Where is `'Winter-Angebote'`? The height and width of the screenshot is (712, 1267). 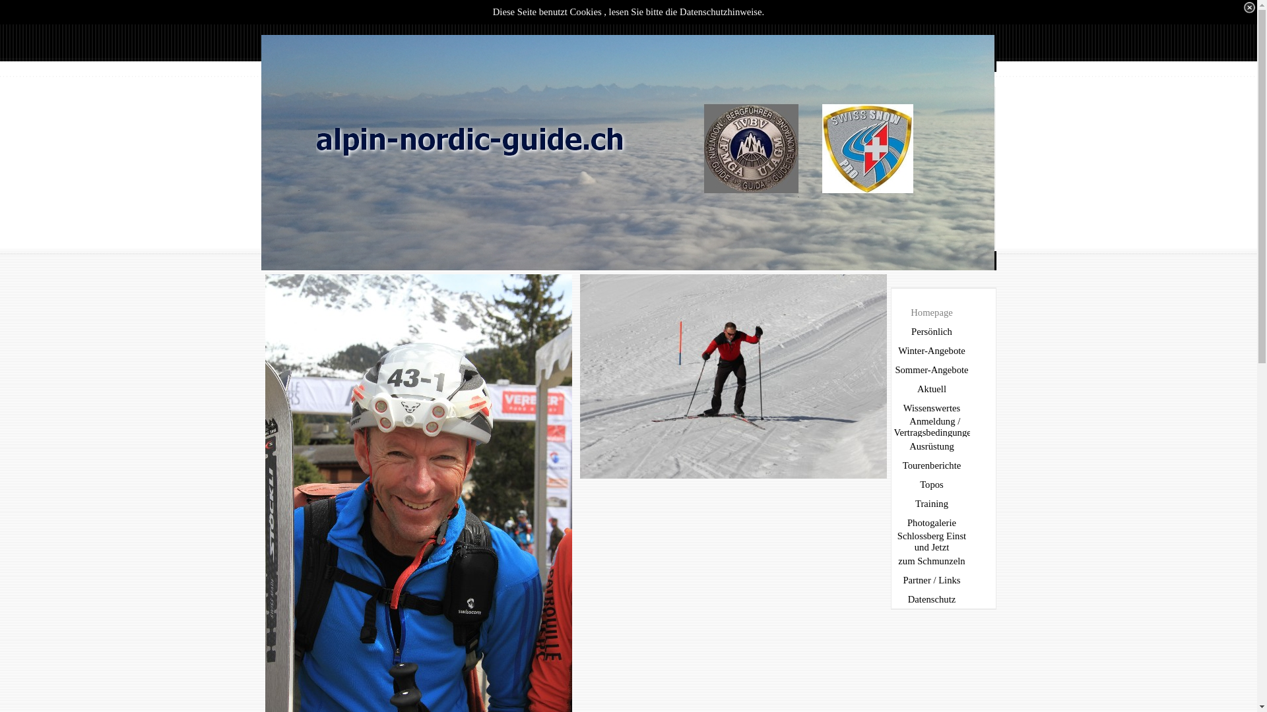 'Winter-Angebote' is located at coordinates (932, 350).